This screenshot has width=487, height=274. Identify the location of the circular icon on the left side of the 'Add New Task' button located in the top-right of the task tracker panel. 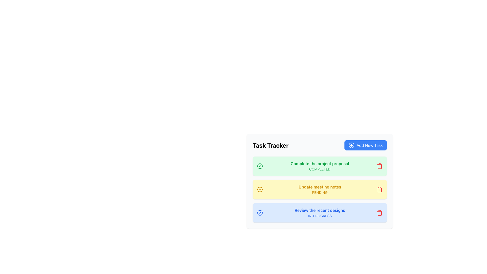
(351, 145).